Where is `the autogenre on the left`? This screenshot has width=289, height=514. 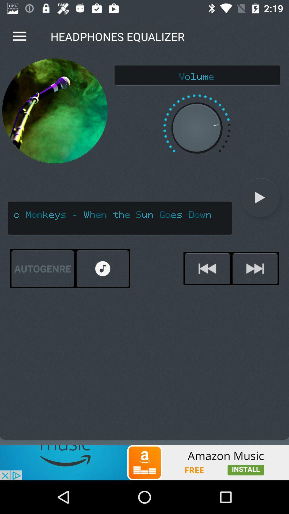 the autogenre on the left is located at coordinates (42, 269).